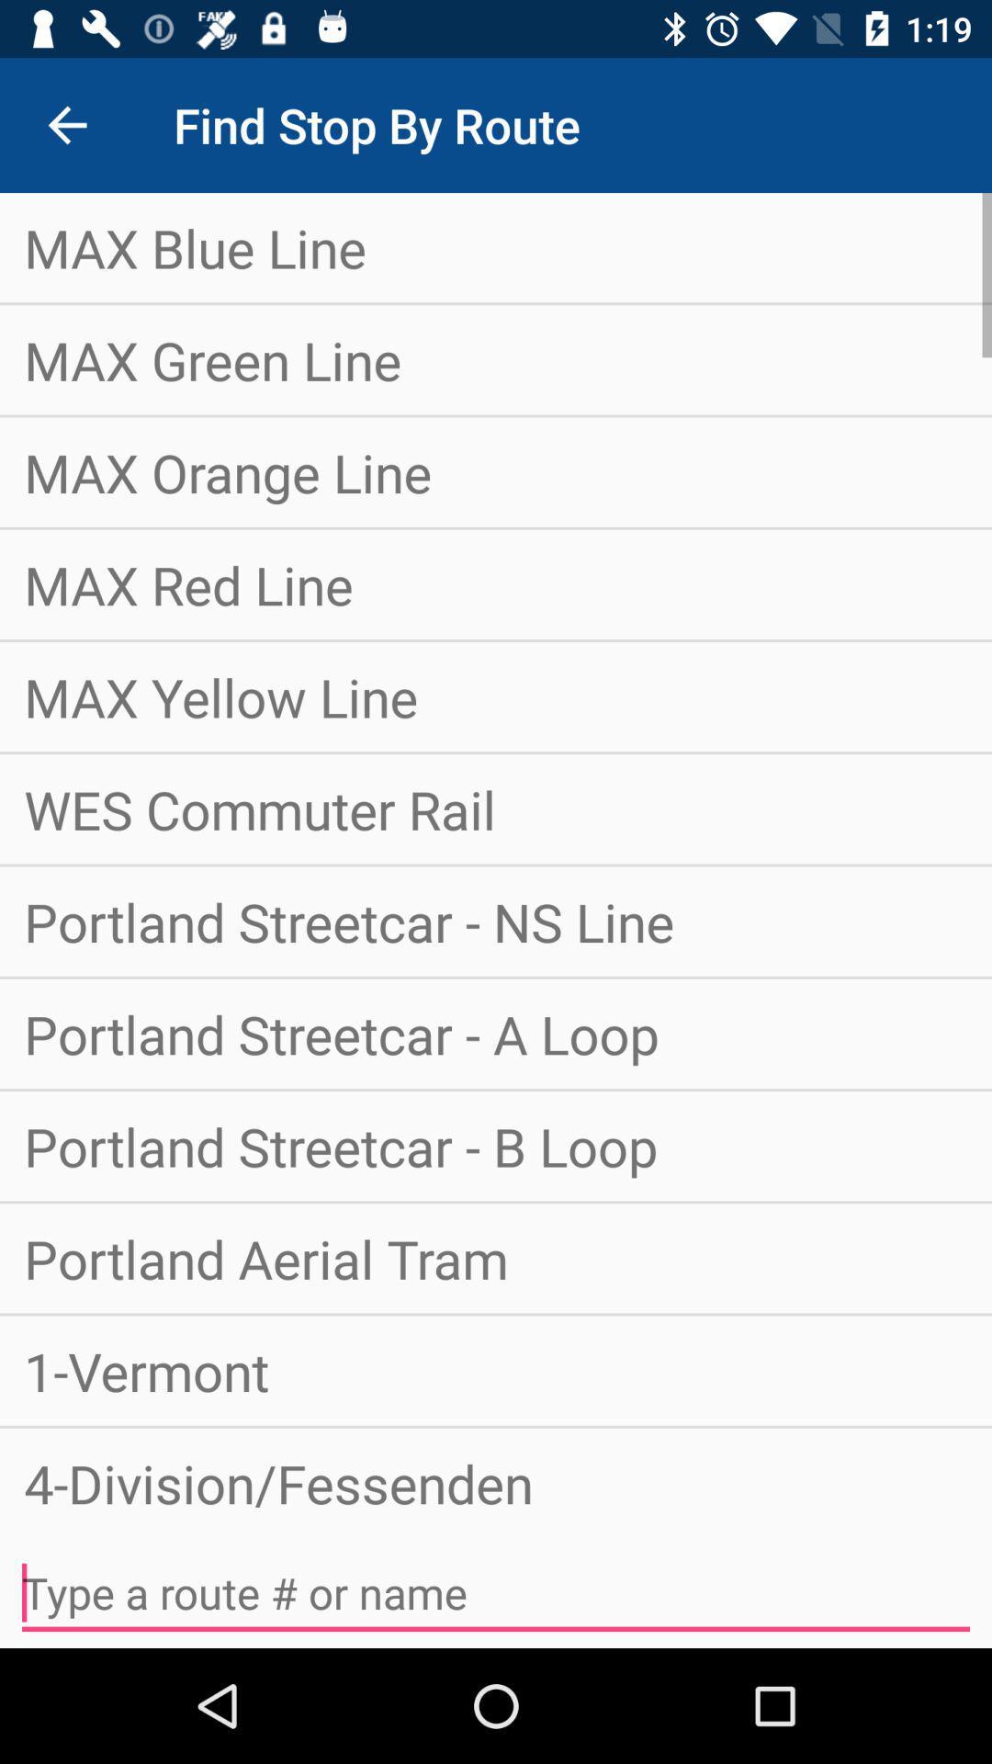 The height and width of the screenshot is (1764, 992). I want to click on wes commuter rail icon, so click(496, 808).